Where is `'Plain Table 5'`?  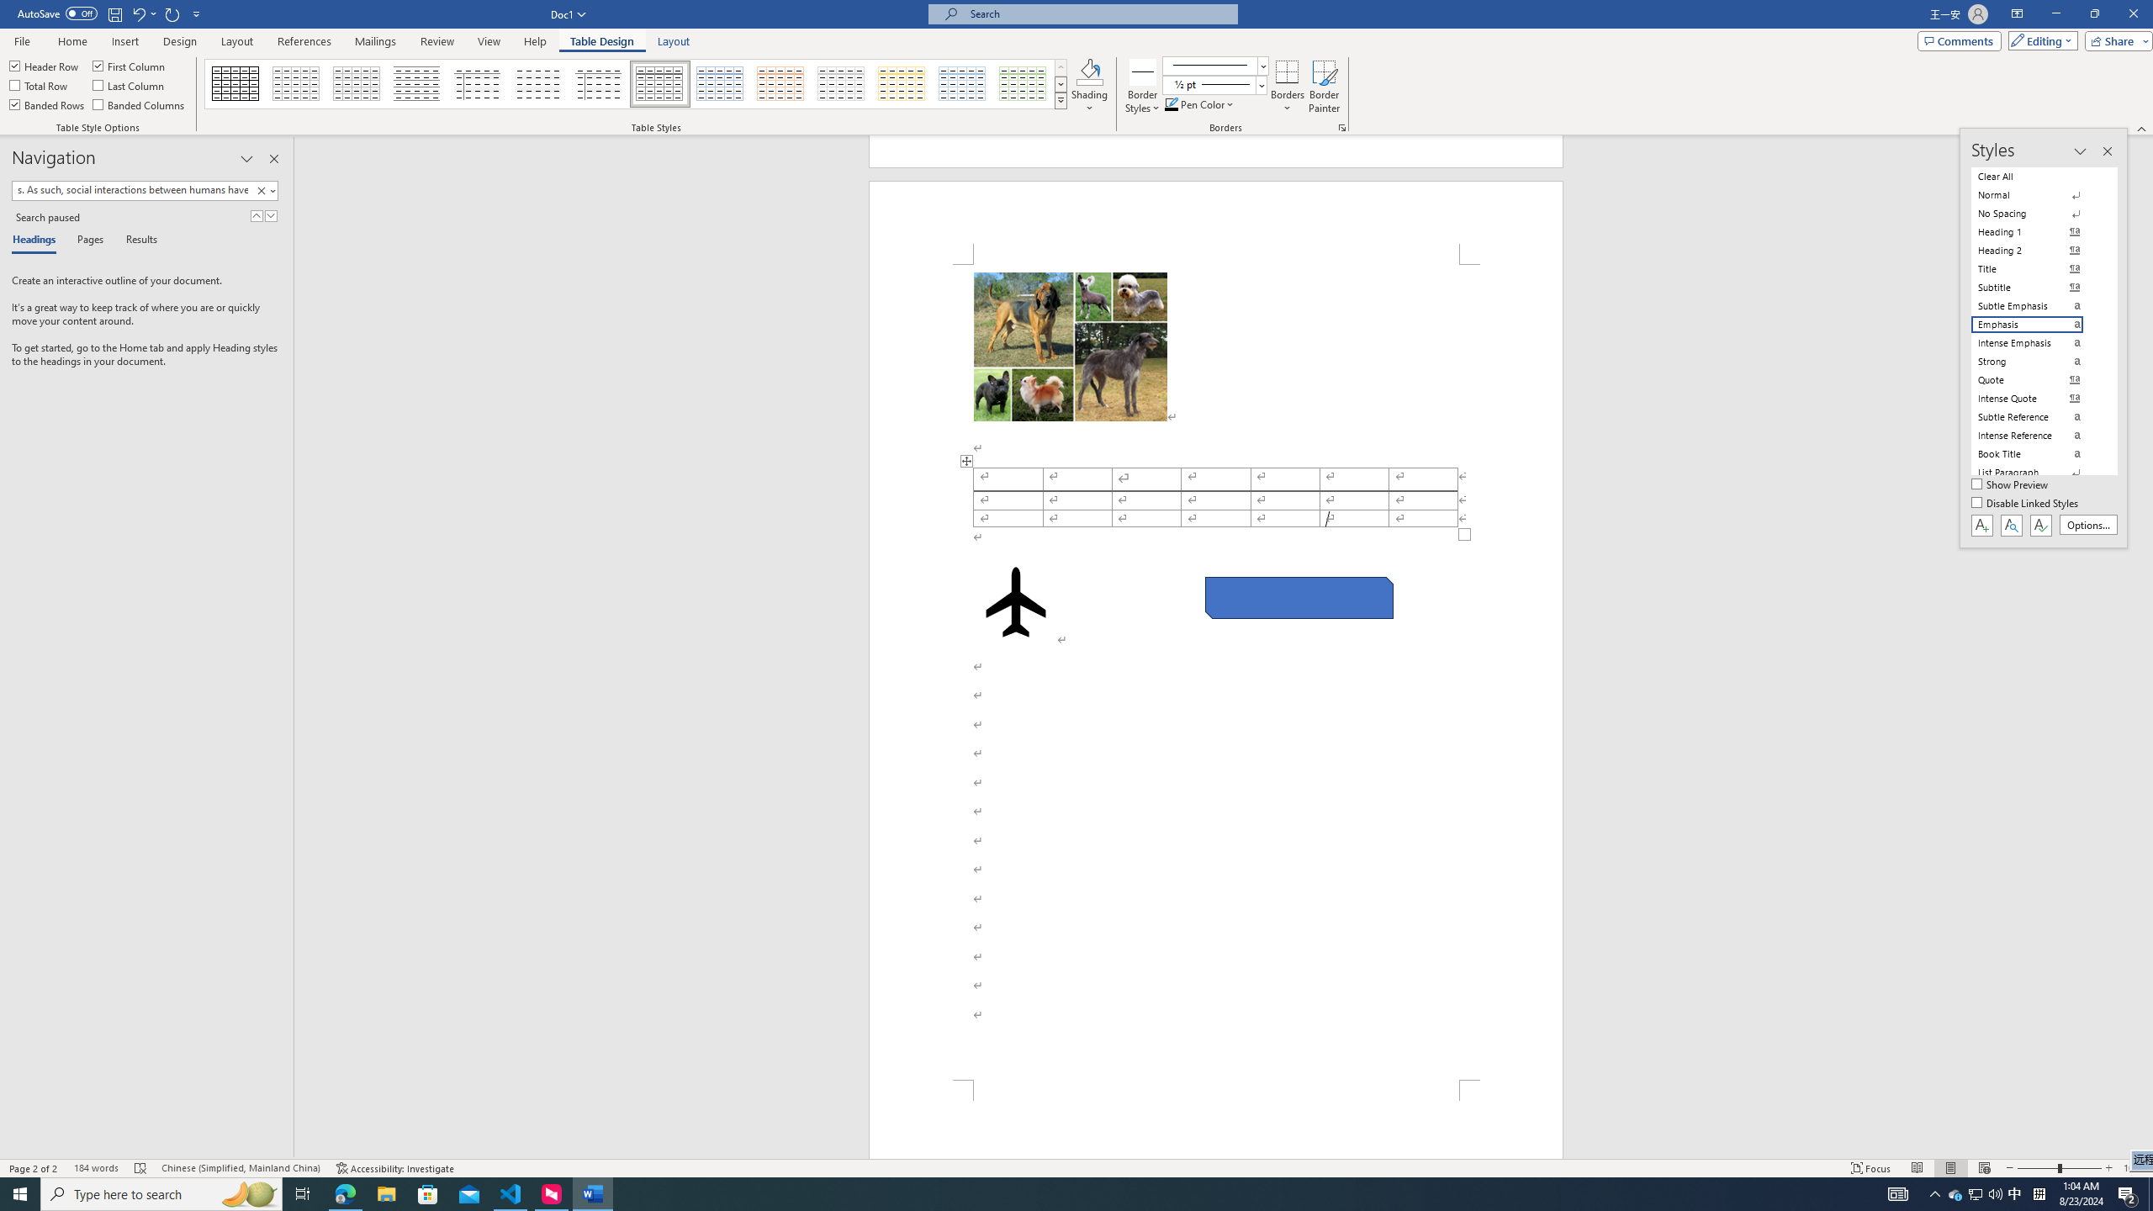
'Plain Table 5' is located at coordinates (599, 83).